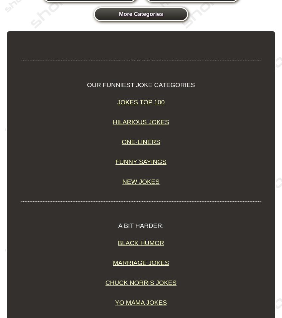 The width and height of the screenshot is (282, 318). What do you see at coordinates (141, 122) in the screenshot?
I see `'Hilarious Jokes'` at bounding box center [141, 122].